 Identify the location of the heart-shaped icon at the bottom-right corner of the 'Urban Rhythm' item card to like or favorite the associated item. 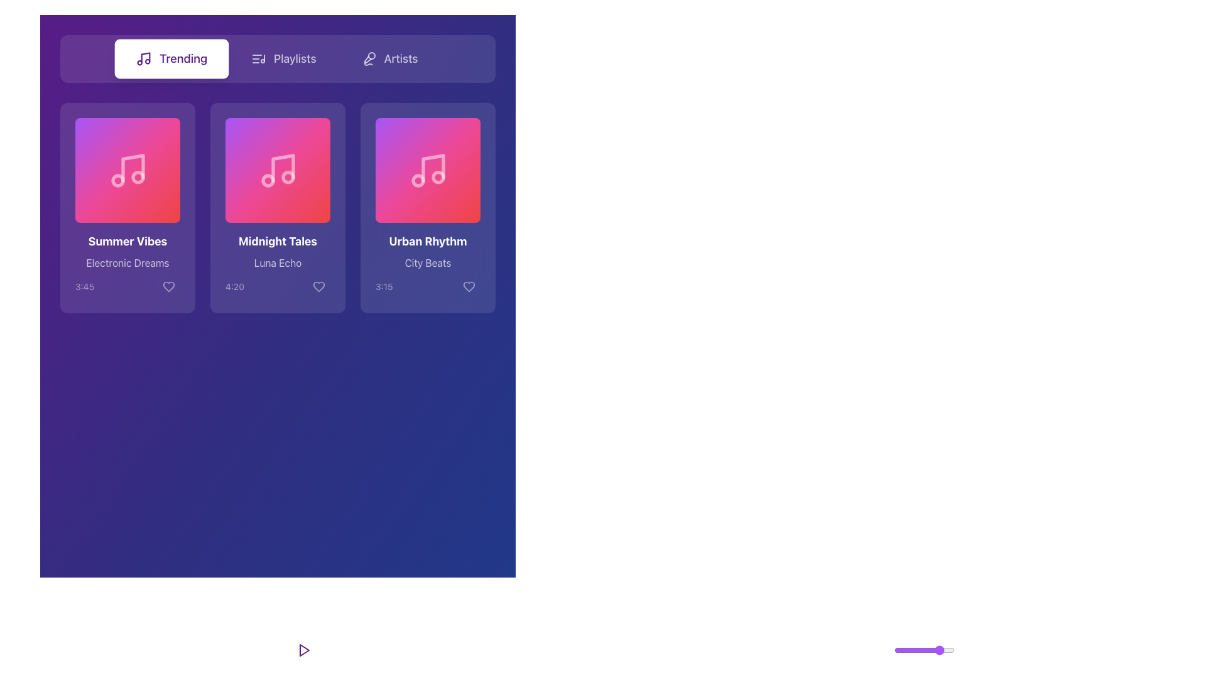
(469, 286).